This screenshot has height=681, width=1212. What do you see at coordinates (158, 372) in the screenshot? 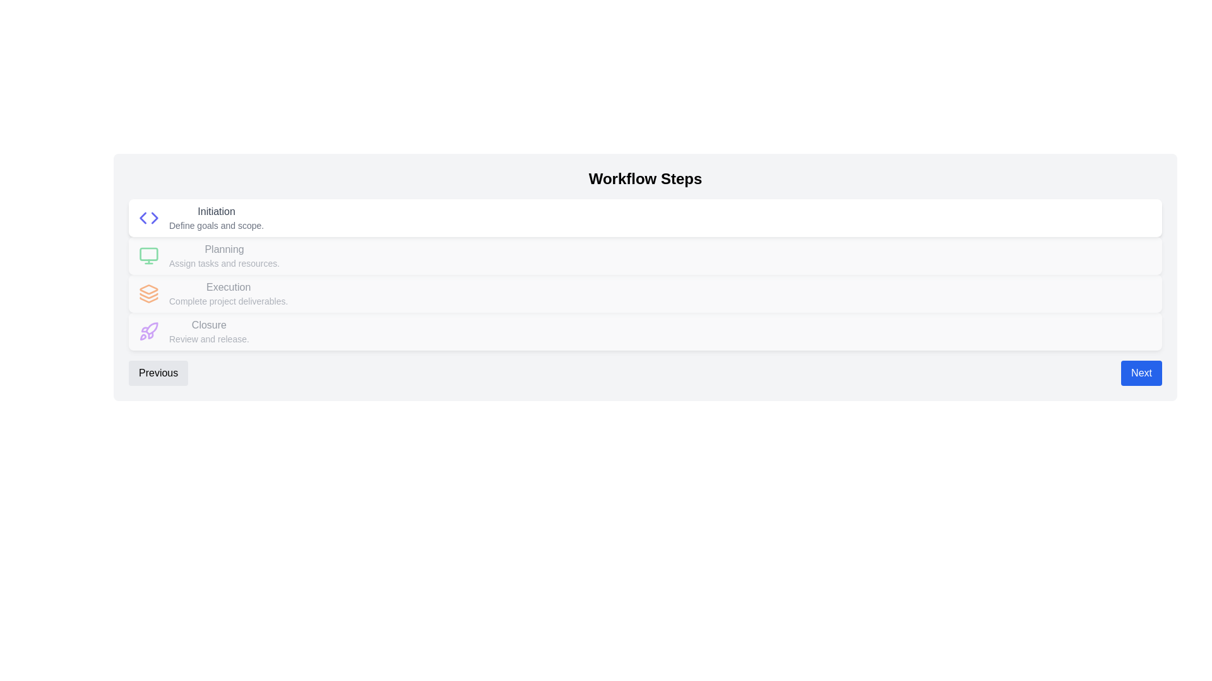
I see `the 'Previous' button, which has a gray background and rounded corners, to observe the hover effect that changes its background color to a darker gray` at bounding box center [158, 372].